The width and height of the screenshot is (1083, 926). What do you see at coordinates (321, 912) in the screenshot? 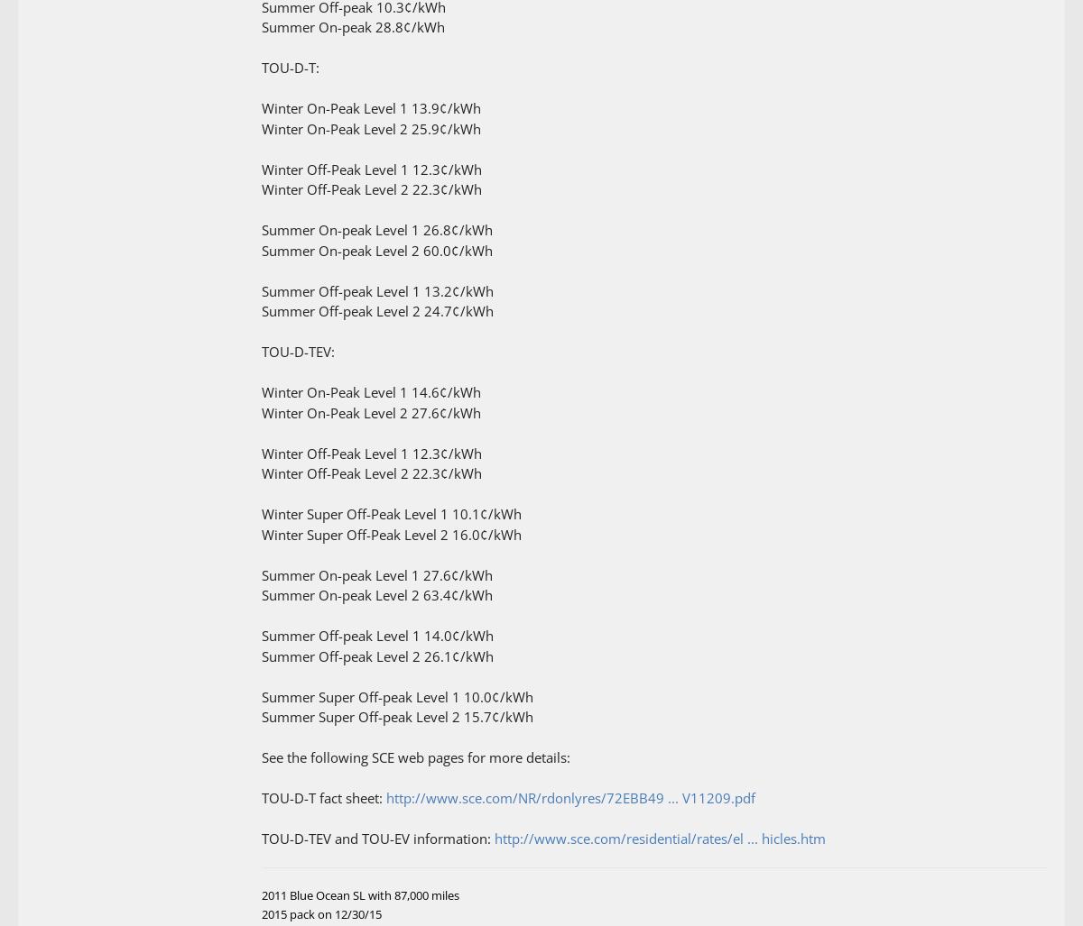
I see `'2015 pack on 12/30/15'` at bounding box center [321, 912].